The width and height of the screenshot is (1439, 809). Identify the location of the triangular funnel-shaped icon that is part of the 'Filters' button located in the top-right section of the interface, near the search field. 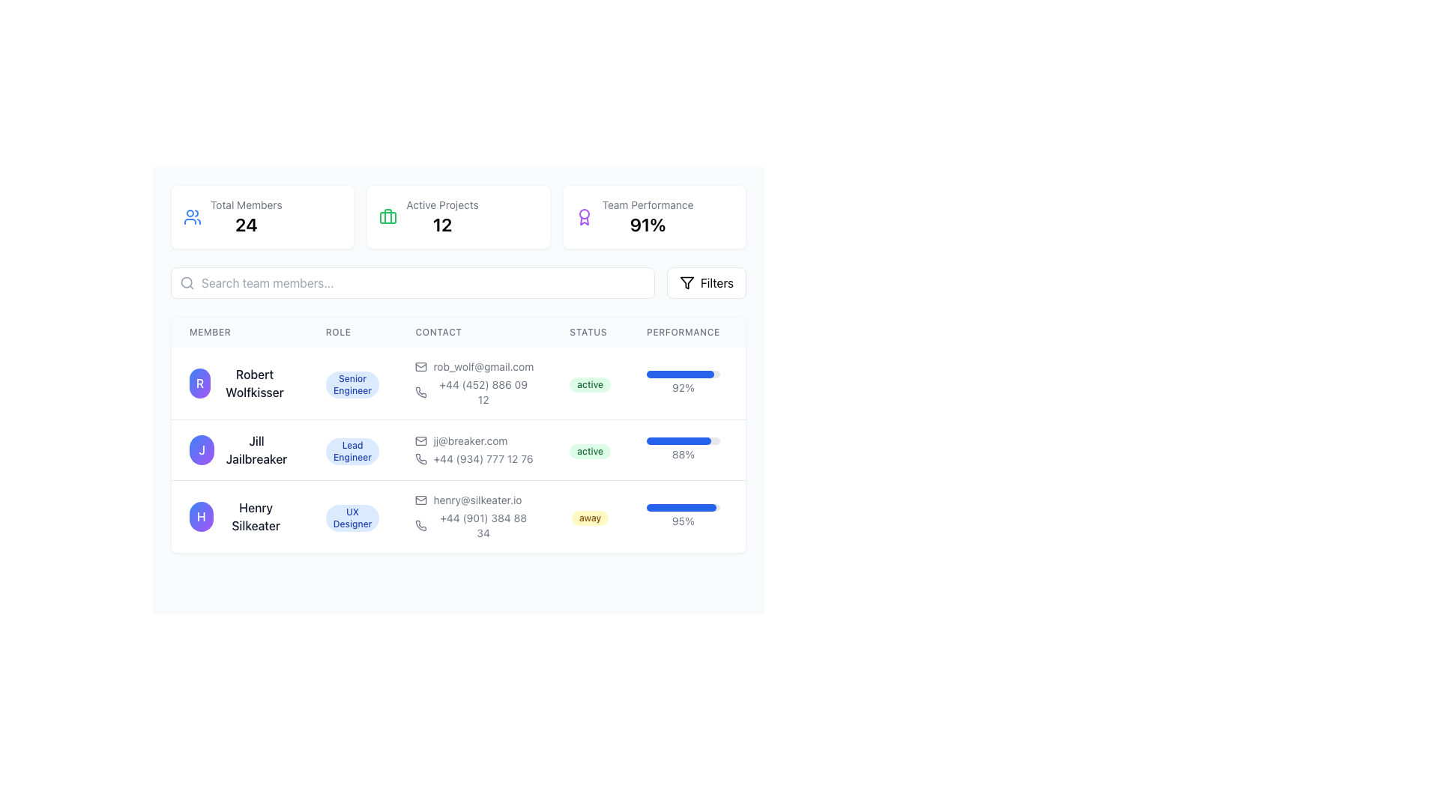
(686, 283).